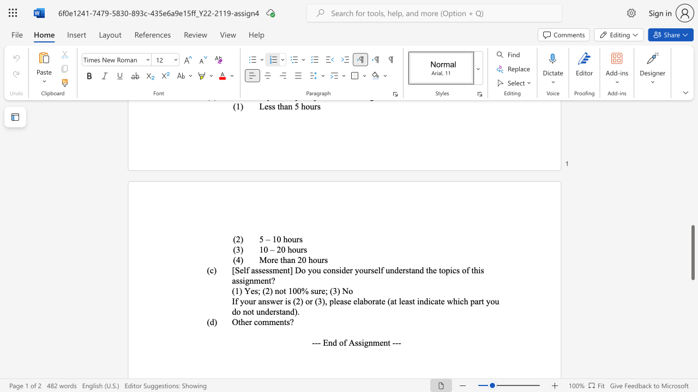  I want to click on the 1th character "–" in the text, so click(272, 249).